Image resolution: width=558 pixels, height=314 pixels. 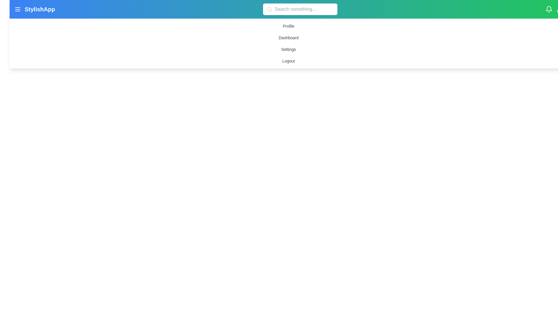 What do you see at coordinates (18, 9) in the screenshot?
I see `the hamburger menu icon button located at the top-left corner of the layout` at bounding box center [18, 9].